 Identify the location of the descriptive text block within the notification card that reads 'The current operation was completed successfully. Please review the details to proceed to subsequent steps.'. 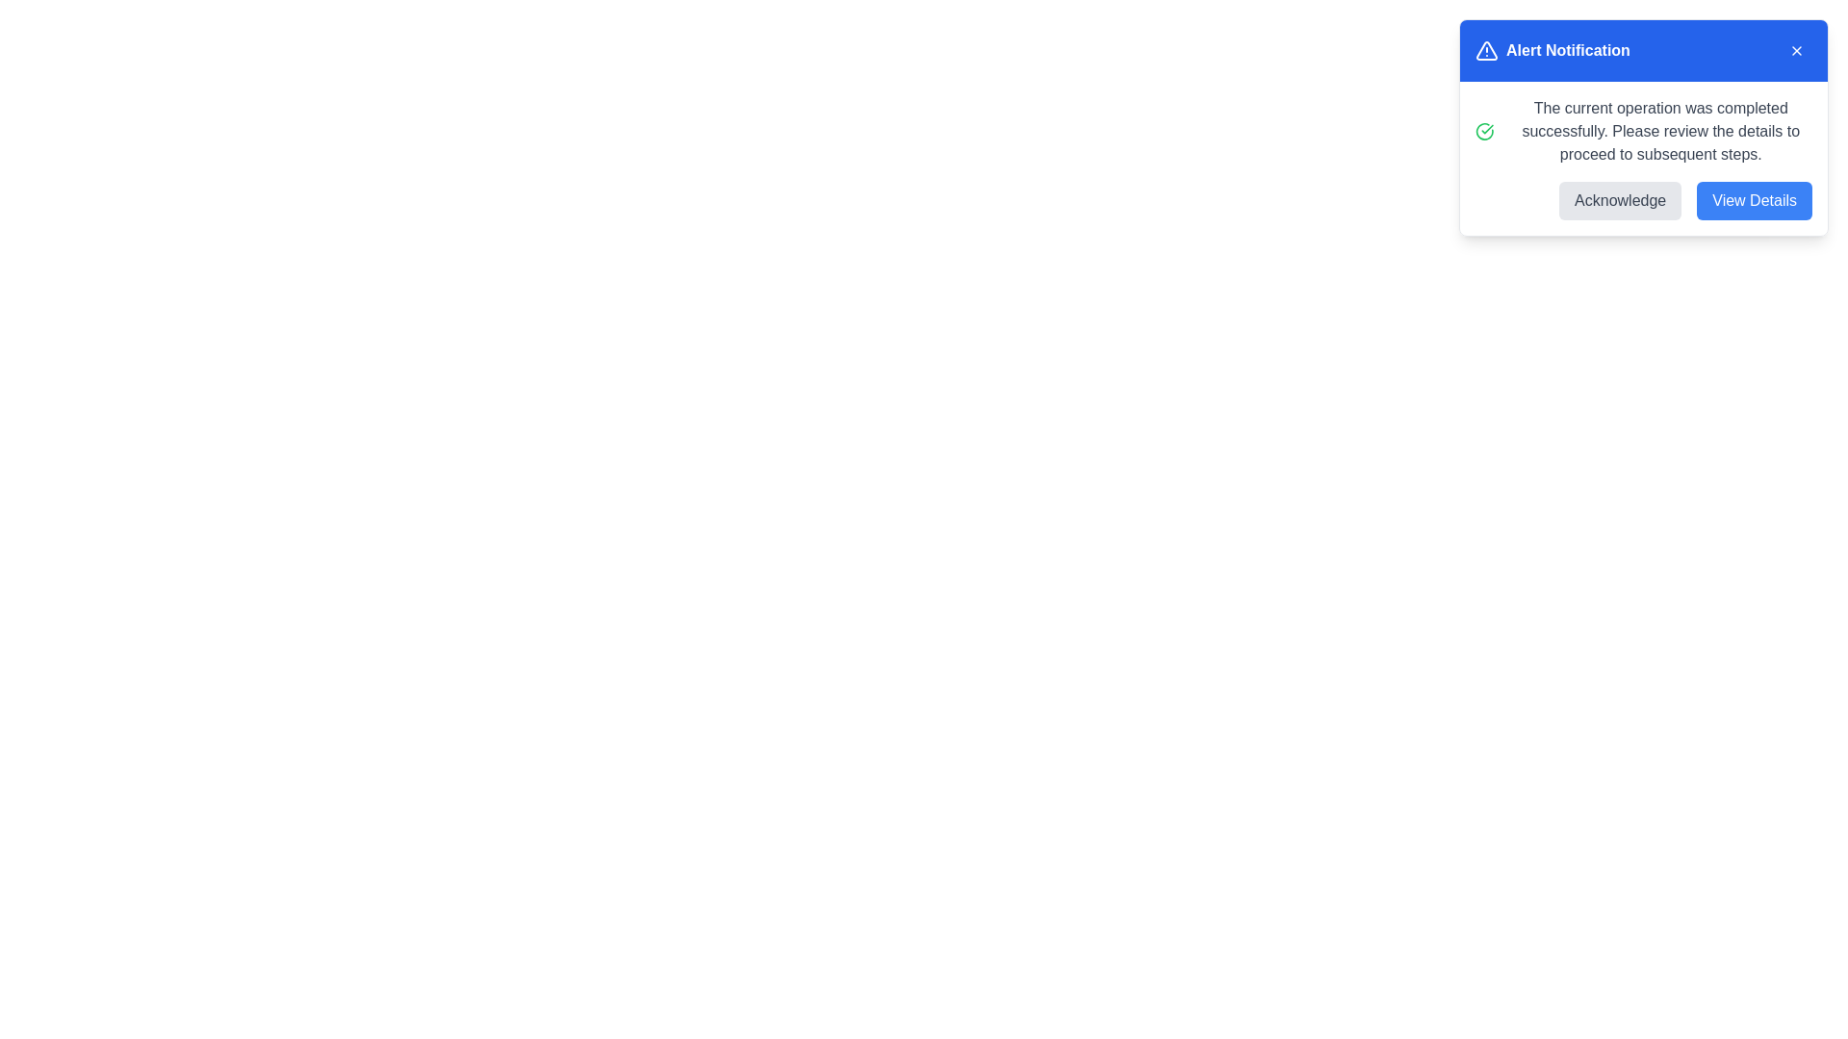
(1659, 131).